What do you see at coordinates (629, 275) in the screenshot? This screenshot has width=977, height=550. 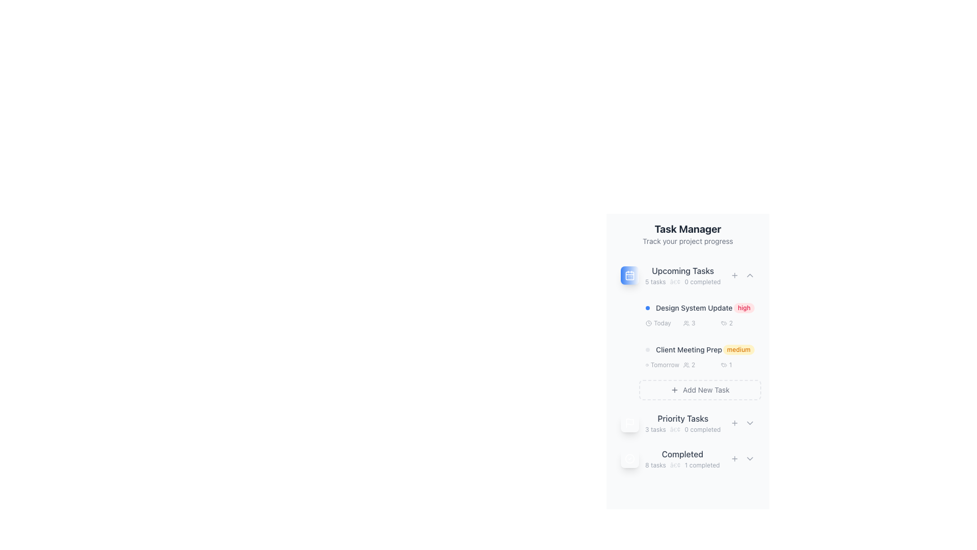 I see `the calendar icon with a blue gradient background and white outlines` at bounding box center [629, 275].